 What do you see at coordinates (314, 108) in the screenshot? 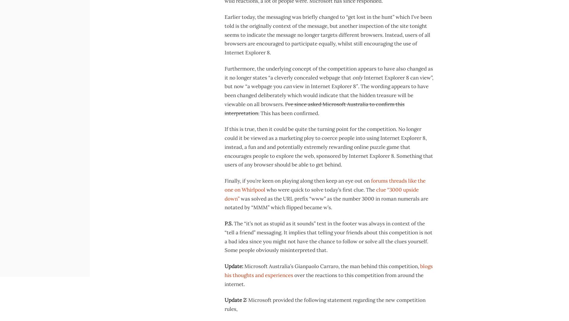
I see `'I’ve since asked Microsoft Australia to confirm this interpretation.'` at bounding box center [314, 108].